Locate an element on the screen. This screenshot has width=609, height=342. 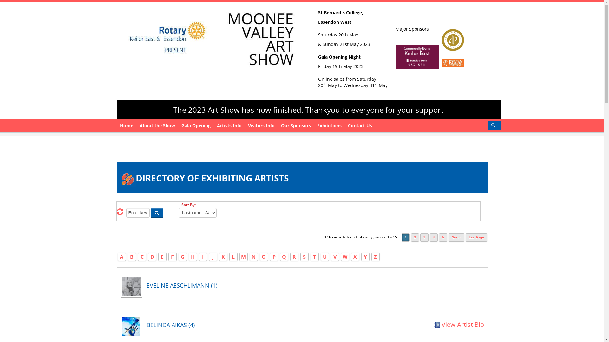
'Reset Search Criteria' is located at coordinates (117, 213).